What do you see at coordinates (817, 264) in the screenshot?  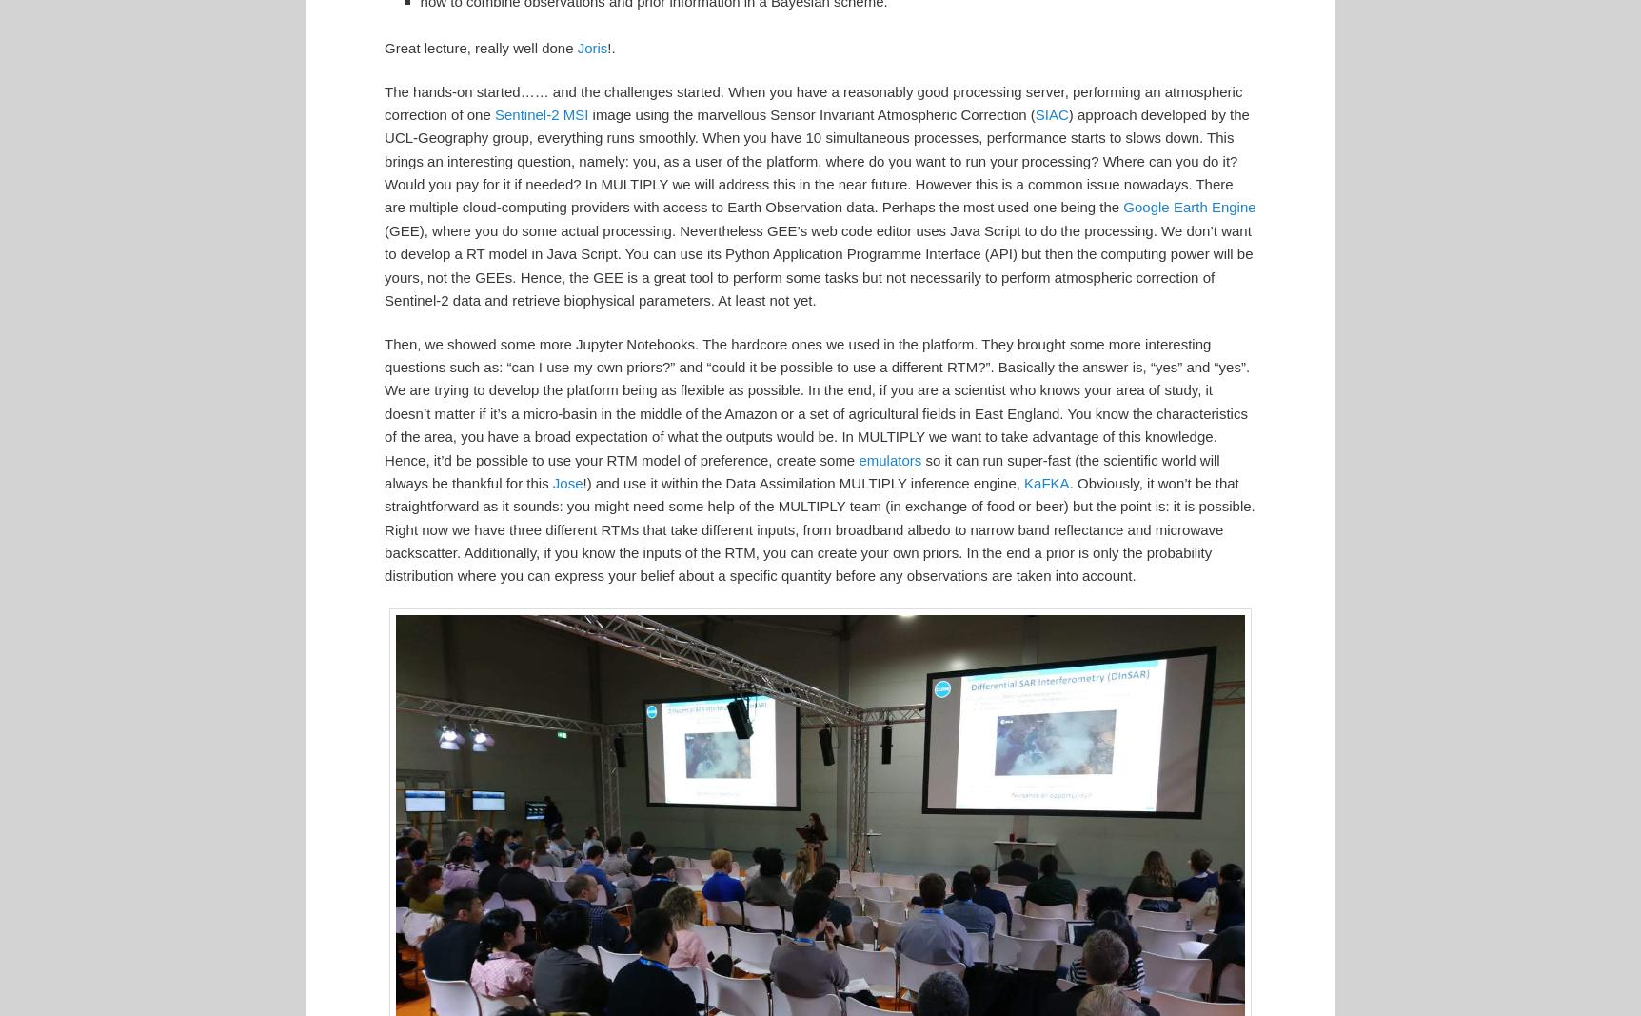 I see `'(GEE), where you do some actual processing. Nevertheless GEE’s web code editor uses Java Script to do the processing. We don’t want to develop a RT model in Java Script. You can use its Python Application Programme Interface (API) but then the computing power will be yours, not the GEEs. Hence, the GEE is a great tool to perform some tasks but not necessarily to perform atmospheric correction of Sentinel-2 data and retrieve biophysical parameters. At least not yet.'` at bounding box center [817, 264].